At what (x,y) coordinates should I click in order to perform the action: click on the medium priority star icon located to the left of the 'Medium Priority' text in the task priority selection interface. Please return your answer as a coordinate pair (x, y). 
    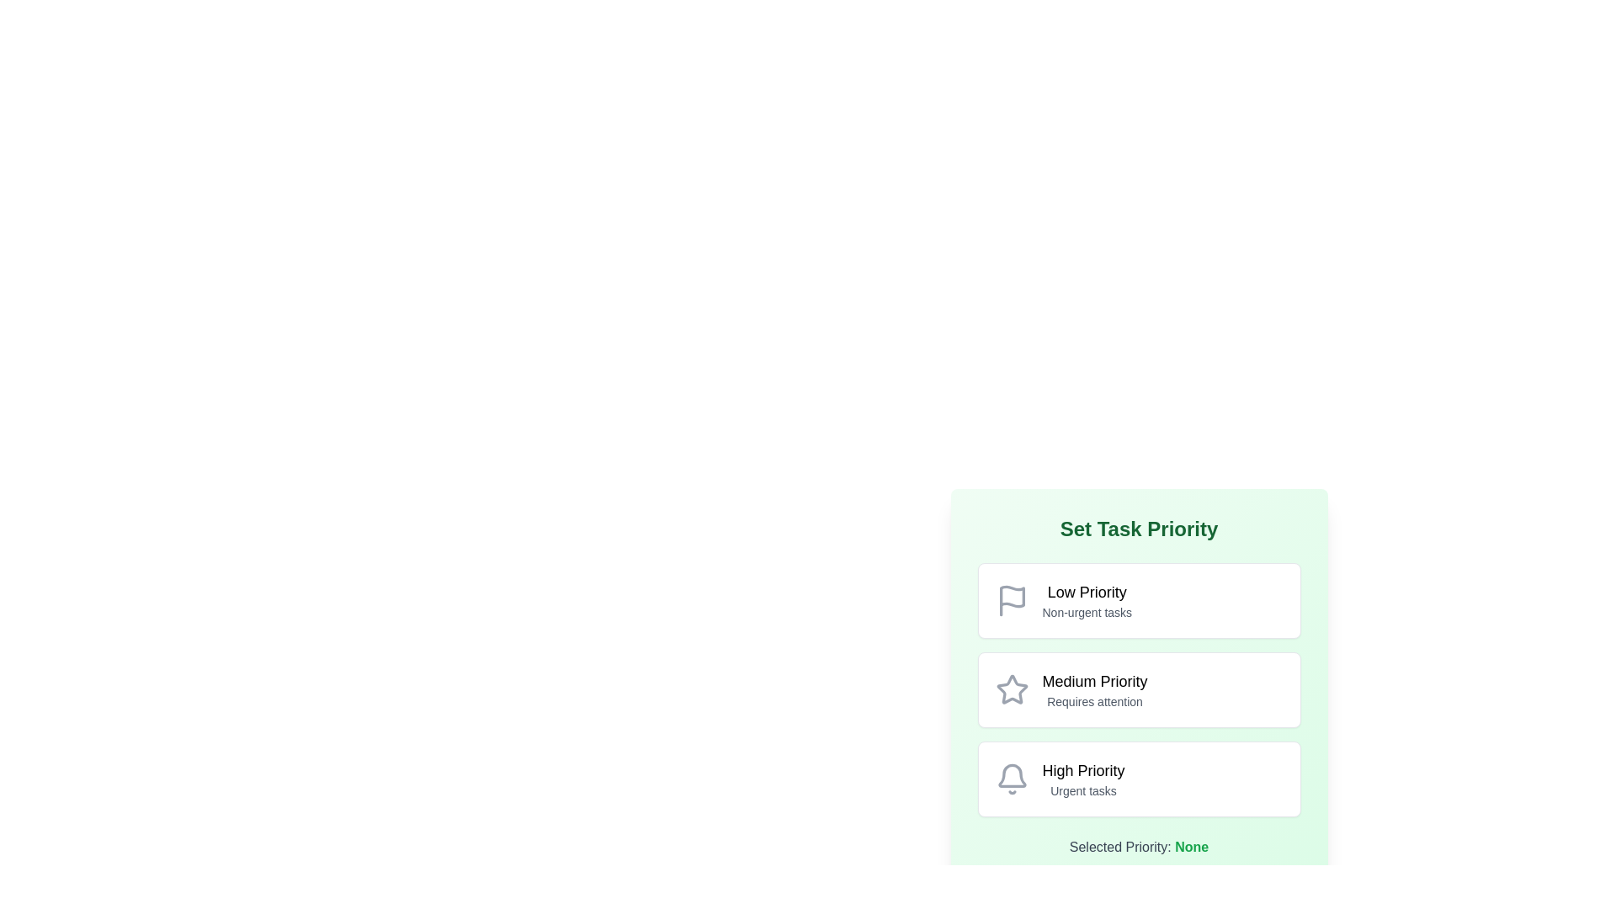
    Looking at the image, I should click on (1011, 689).